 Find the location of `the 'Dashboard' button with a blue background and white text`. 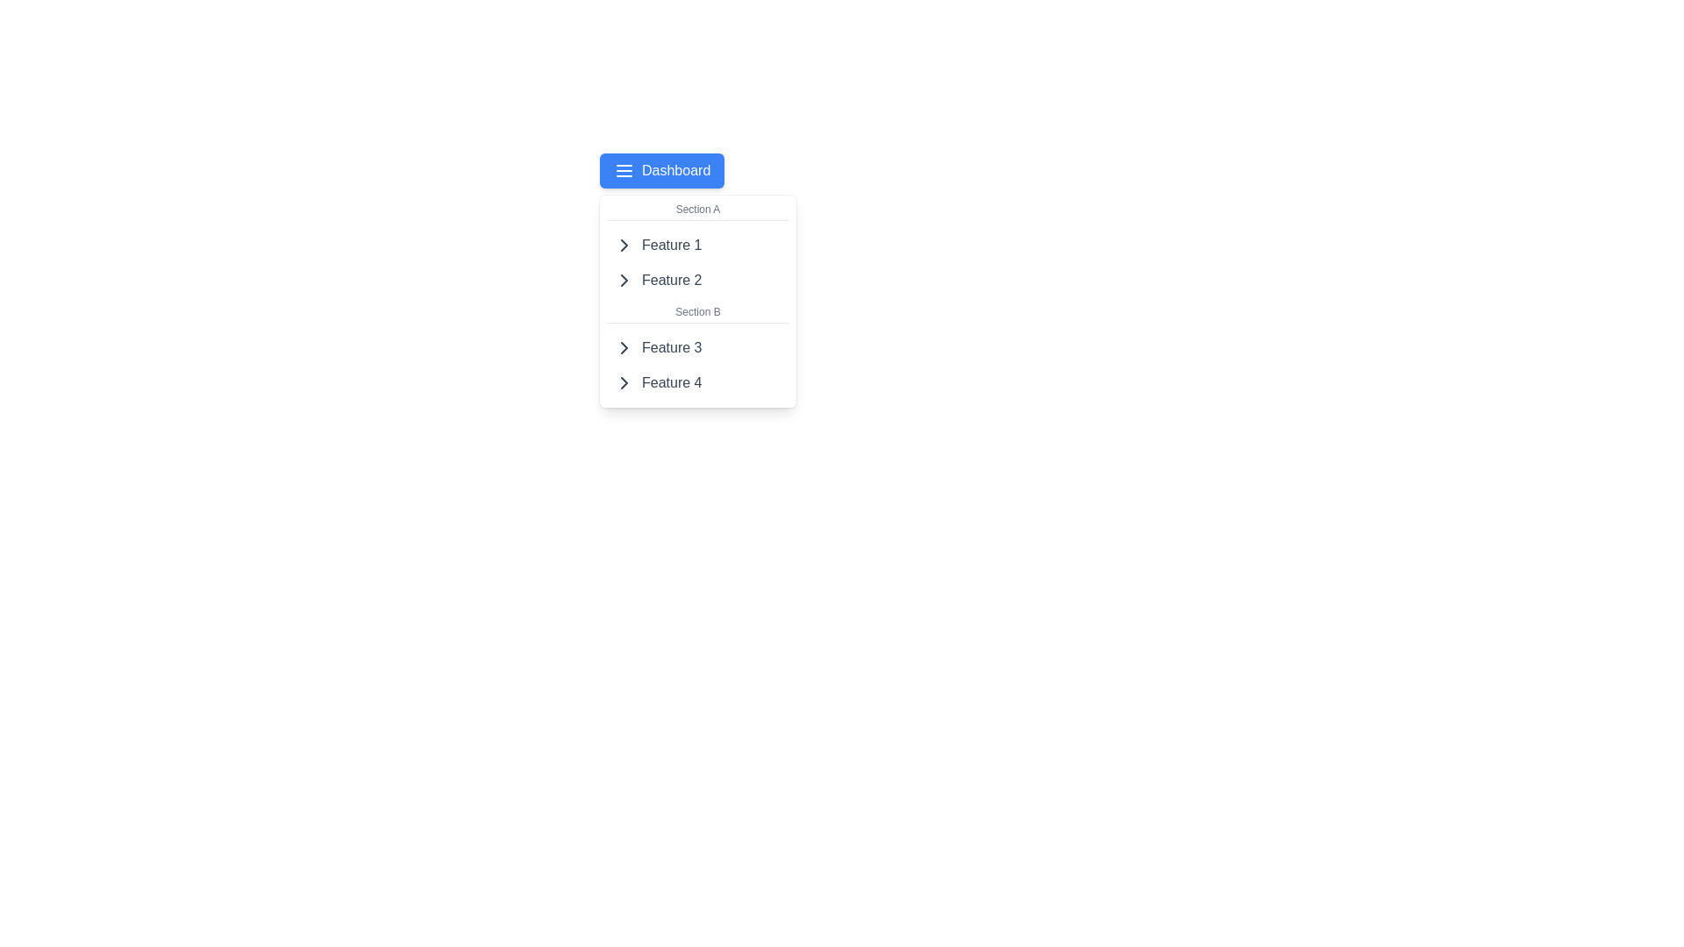

the 'Dashboard' button with a blue background and white text is located at coordinates (661, 171).